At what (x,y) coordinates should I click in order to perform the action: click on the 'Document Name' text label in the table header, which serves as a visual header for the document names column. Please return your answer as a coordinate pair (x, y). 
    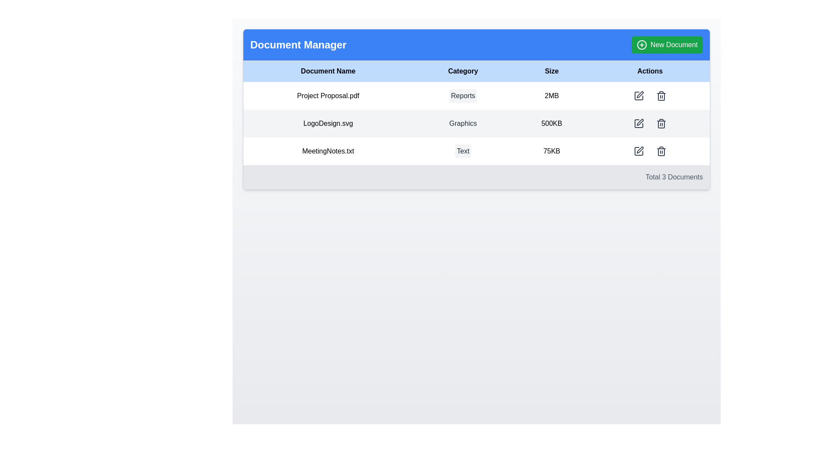
    Looking at the image, I should click on (328, 71).